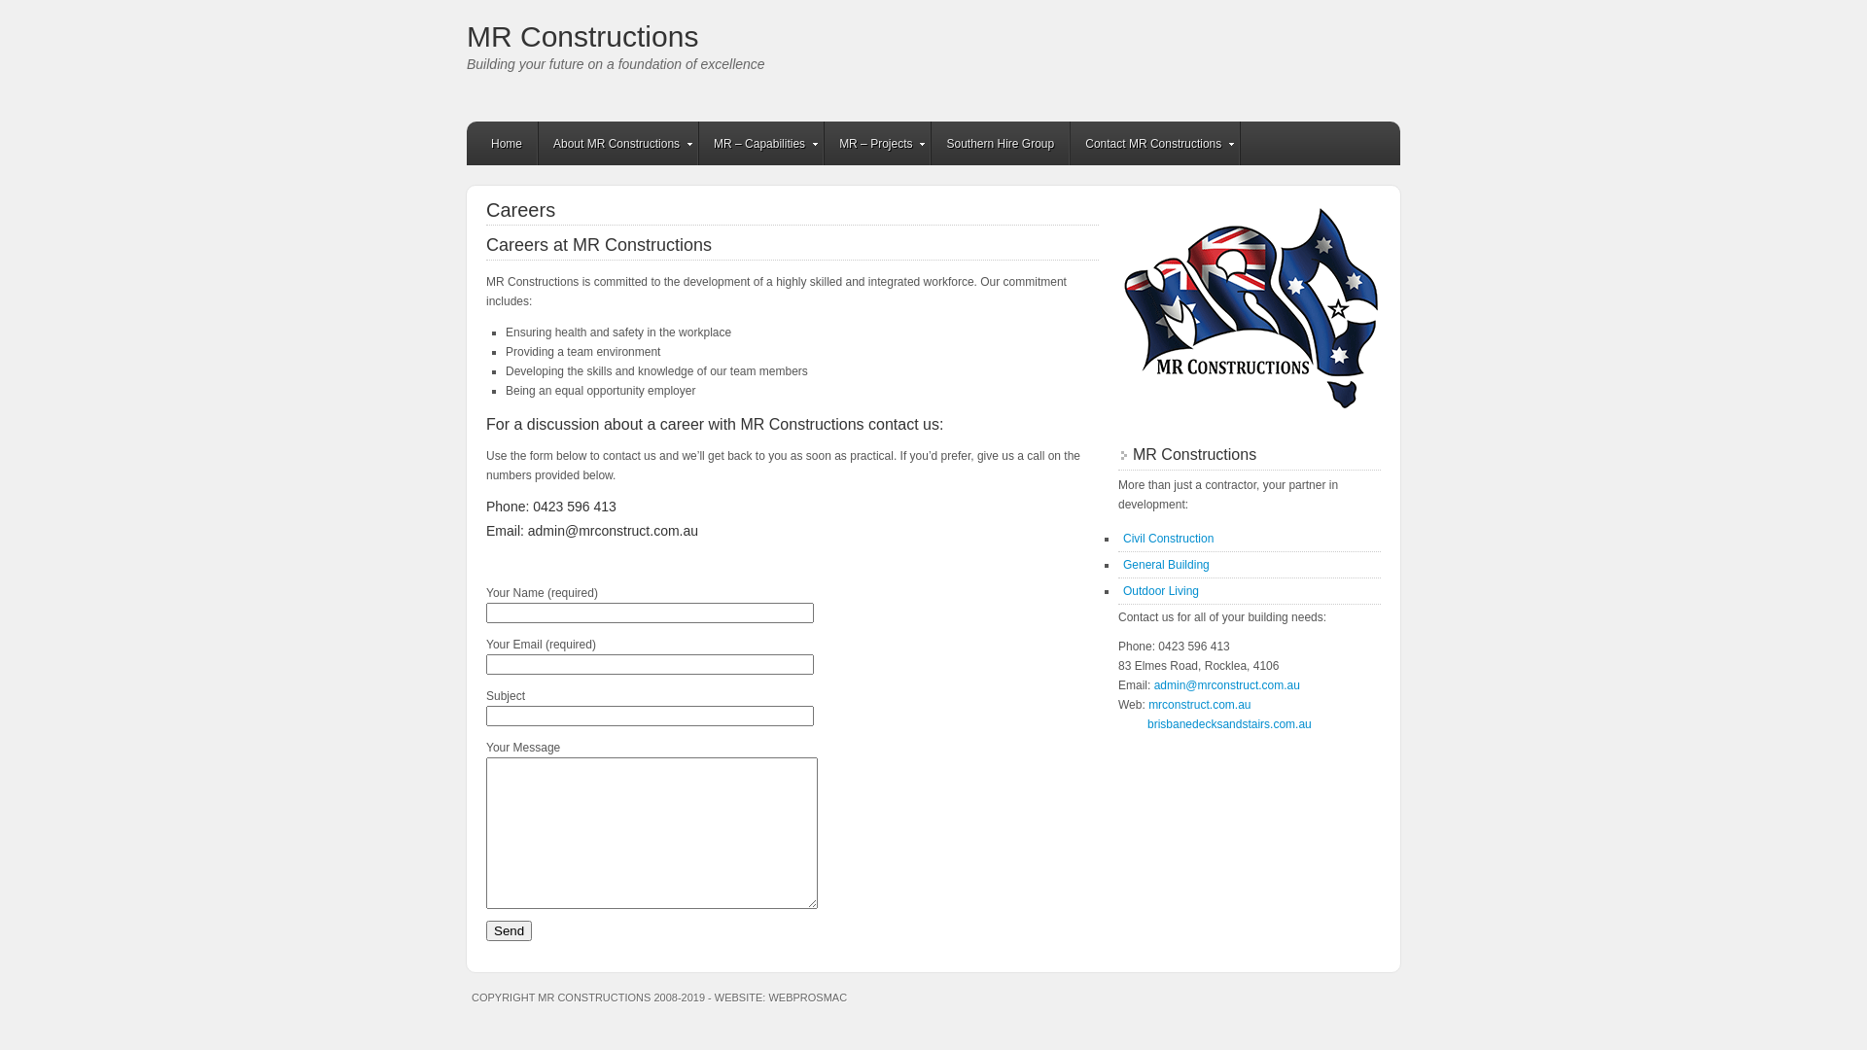 The image size is (1867, 1050). Describe the element at coordinates (1123, 590) in the screenshot. I see `'Outdoor Living'` at that location.